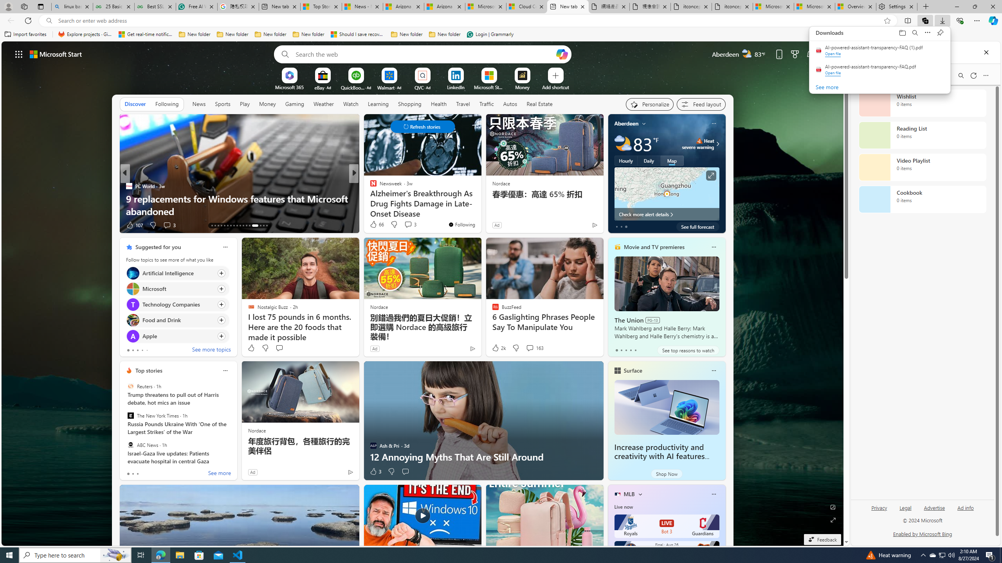 The image size is (1002, 563). Describe the element at coordinates (490, 34) in the screenshot. I see `'Login | Grammarly'` at that location.